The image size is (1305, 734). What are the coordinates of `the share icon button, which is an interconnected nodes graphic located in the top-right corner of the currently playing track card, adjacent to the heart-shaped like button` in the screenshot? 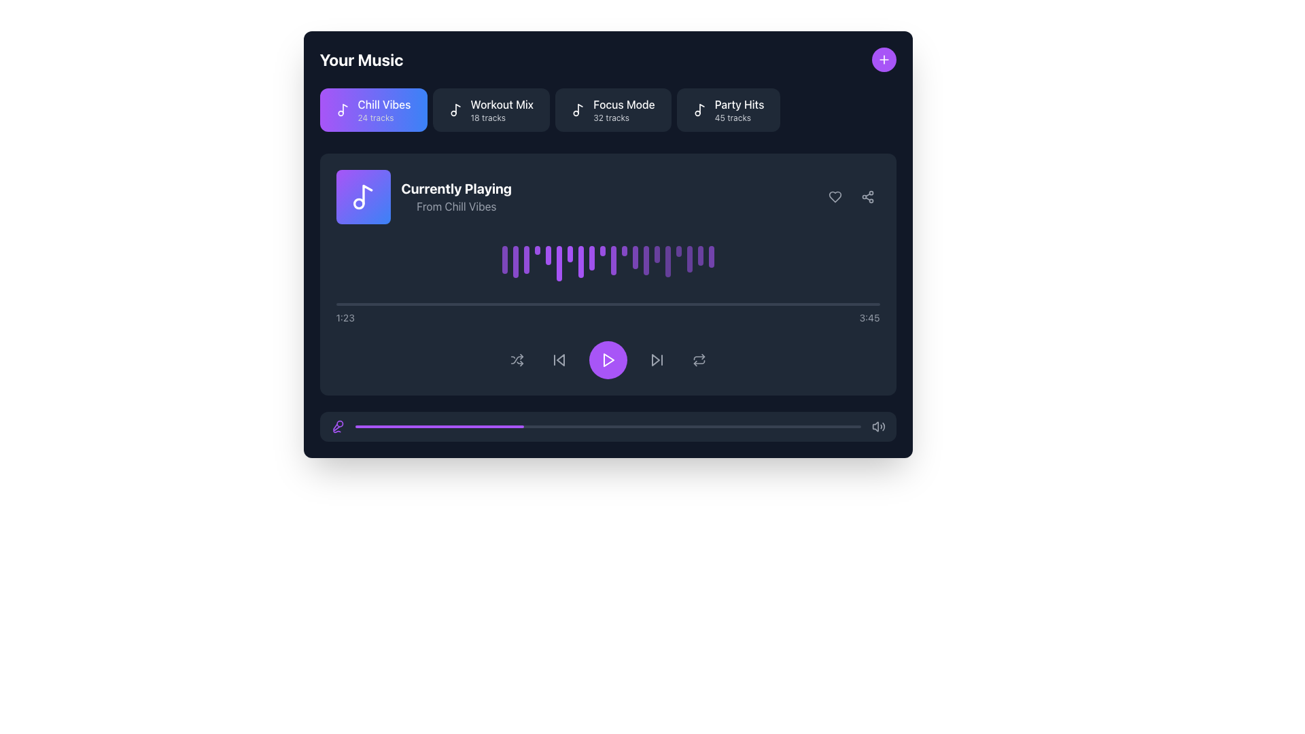 It's located at (867, 196).